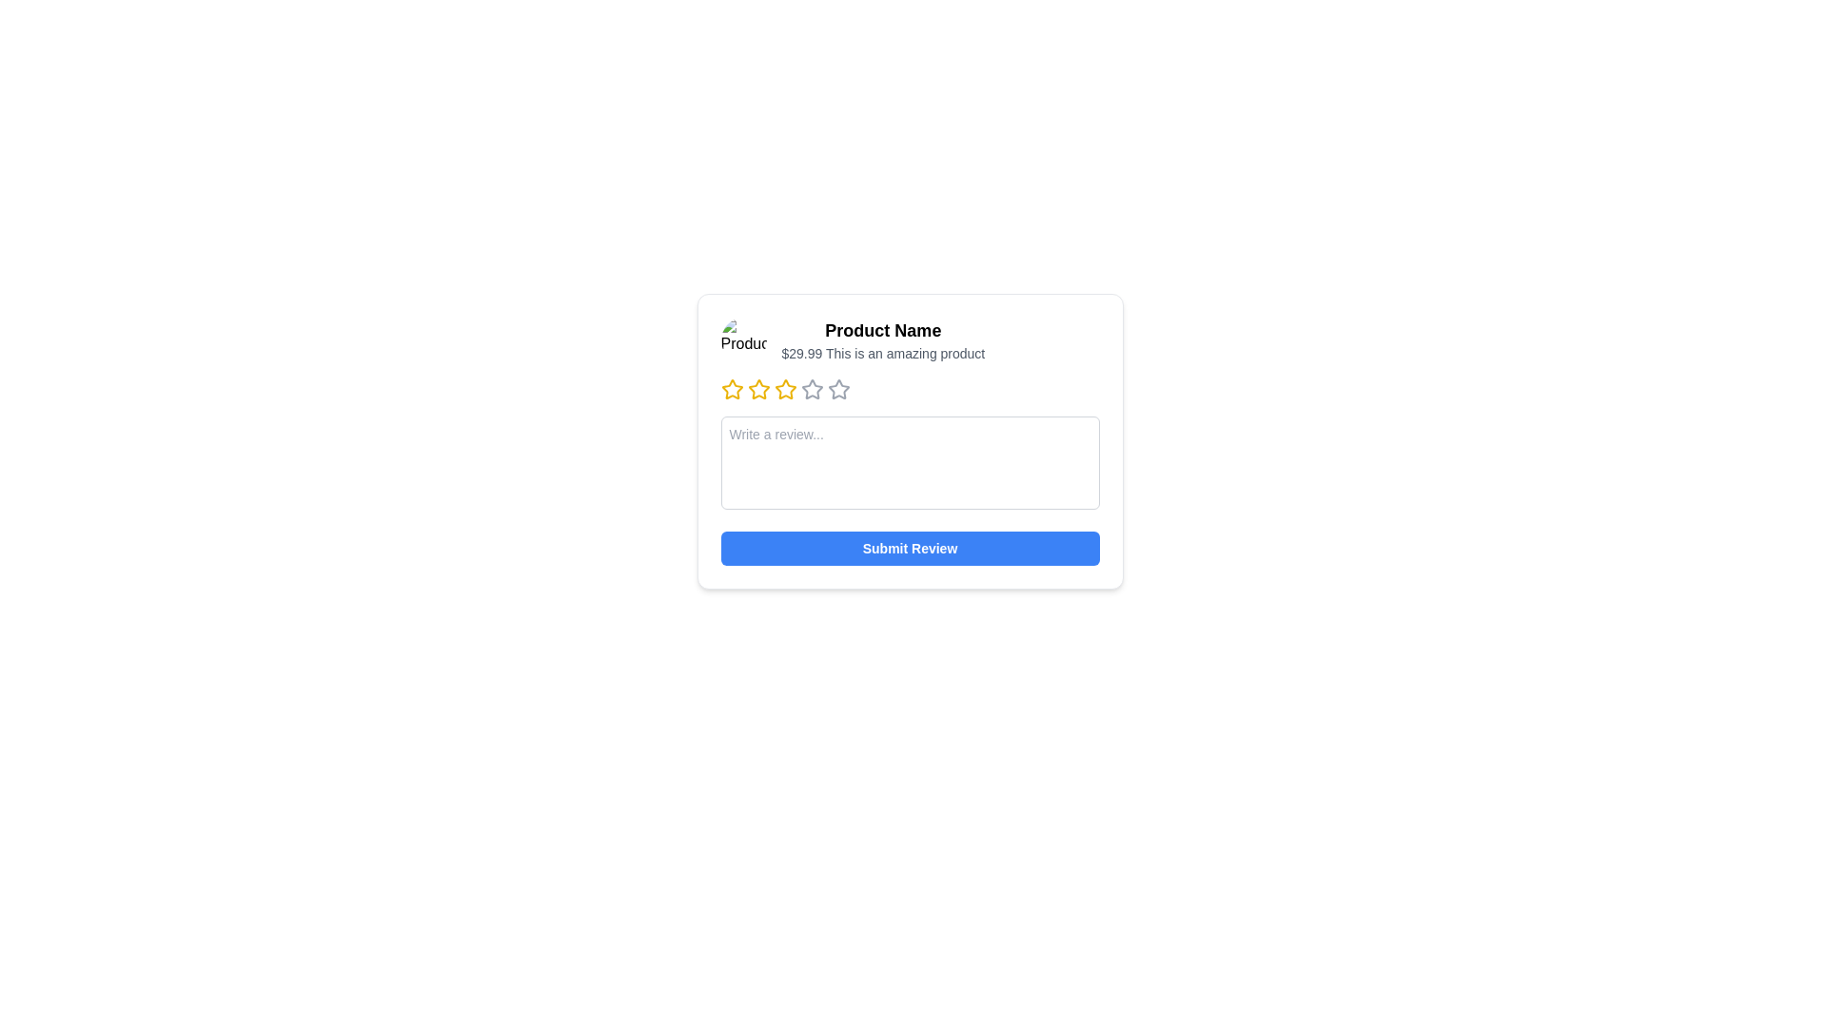  Describe the element at coordinates (785, 388) in the screenshot. I see `the second yellow star icon in the ratings section to rate the product` at that location.